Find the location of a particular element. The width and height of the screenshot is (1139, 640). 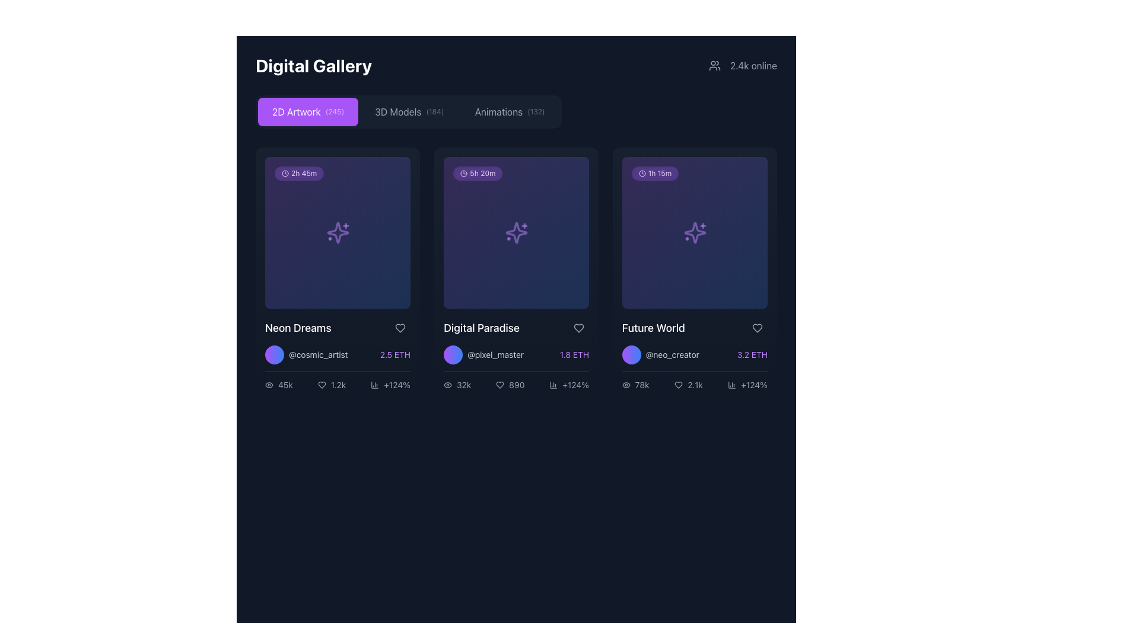

the sparkling purple icon located within the centered square box of the 'Digital Paradise' card in the Digital Gallery interface is located at coordinates (516, 233).